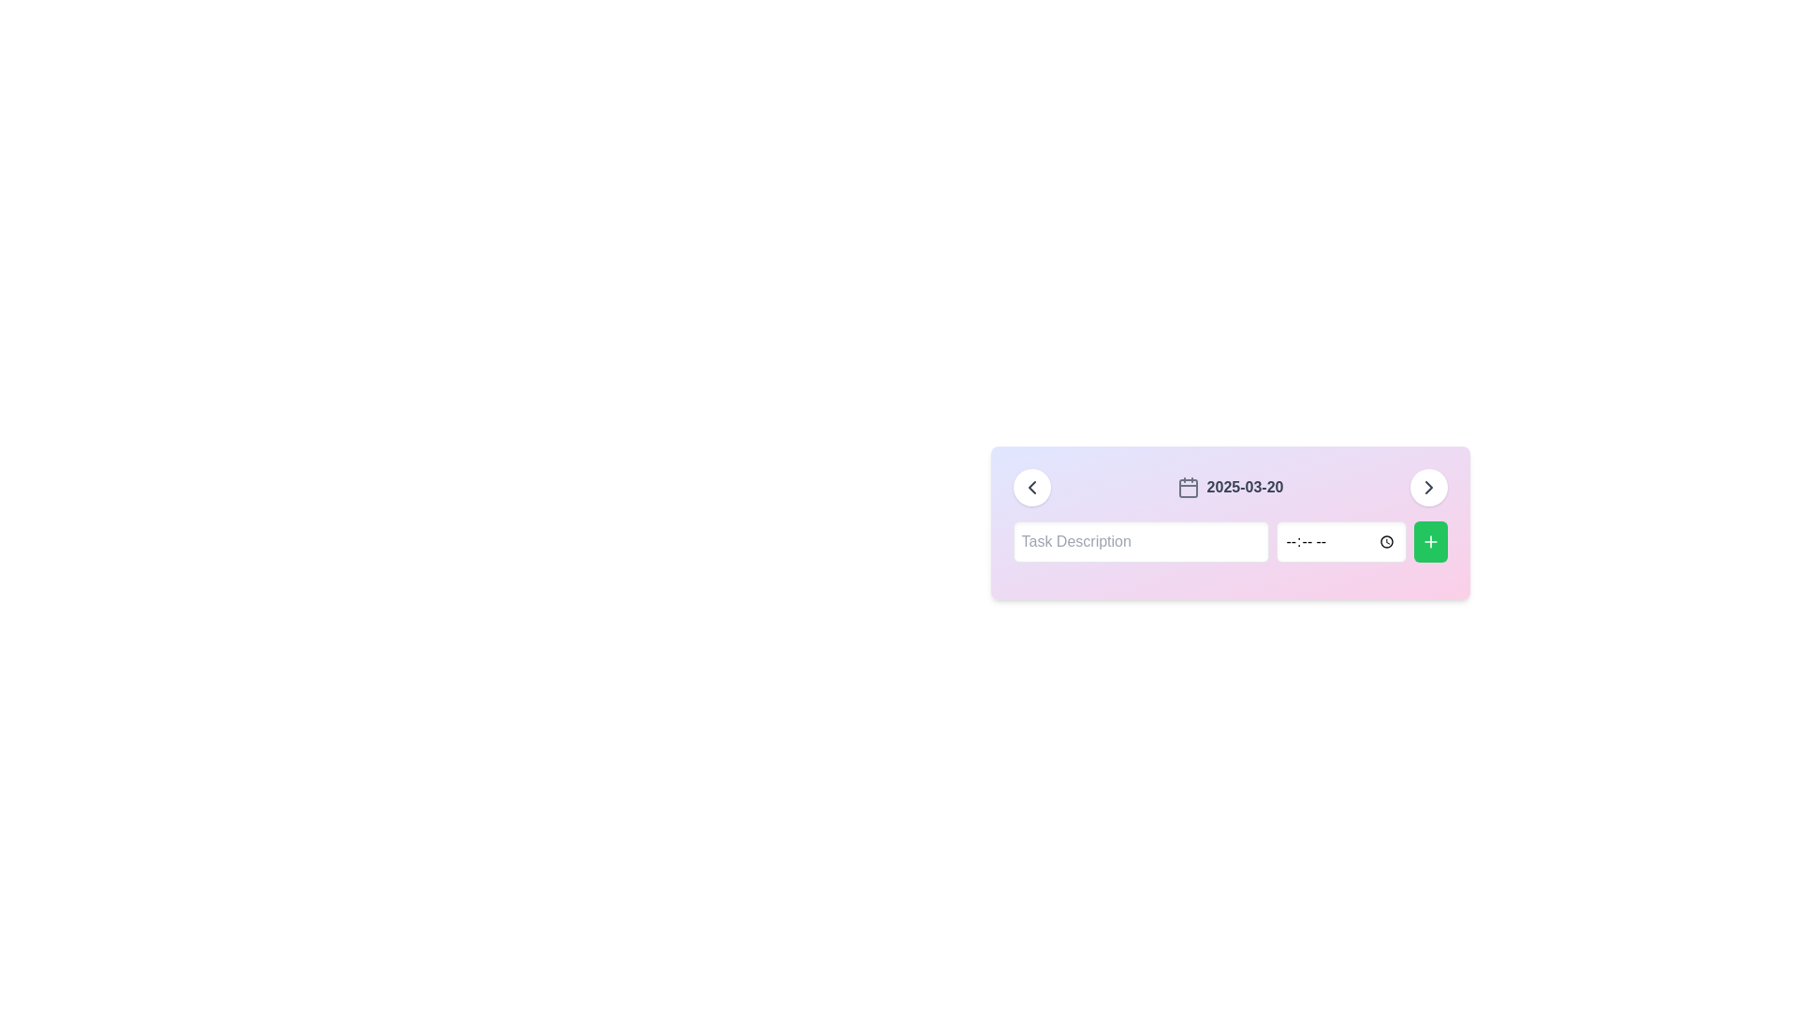 The height and width of the screenshot is (1011, 1797). What do you see at coordinates (1030, 486) in the screenshot?
I see `the circular button with a leftward-facing chevron icon` at bounding box center [1030, 486].